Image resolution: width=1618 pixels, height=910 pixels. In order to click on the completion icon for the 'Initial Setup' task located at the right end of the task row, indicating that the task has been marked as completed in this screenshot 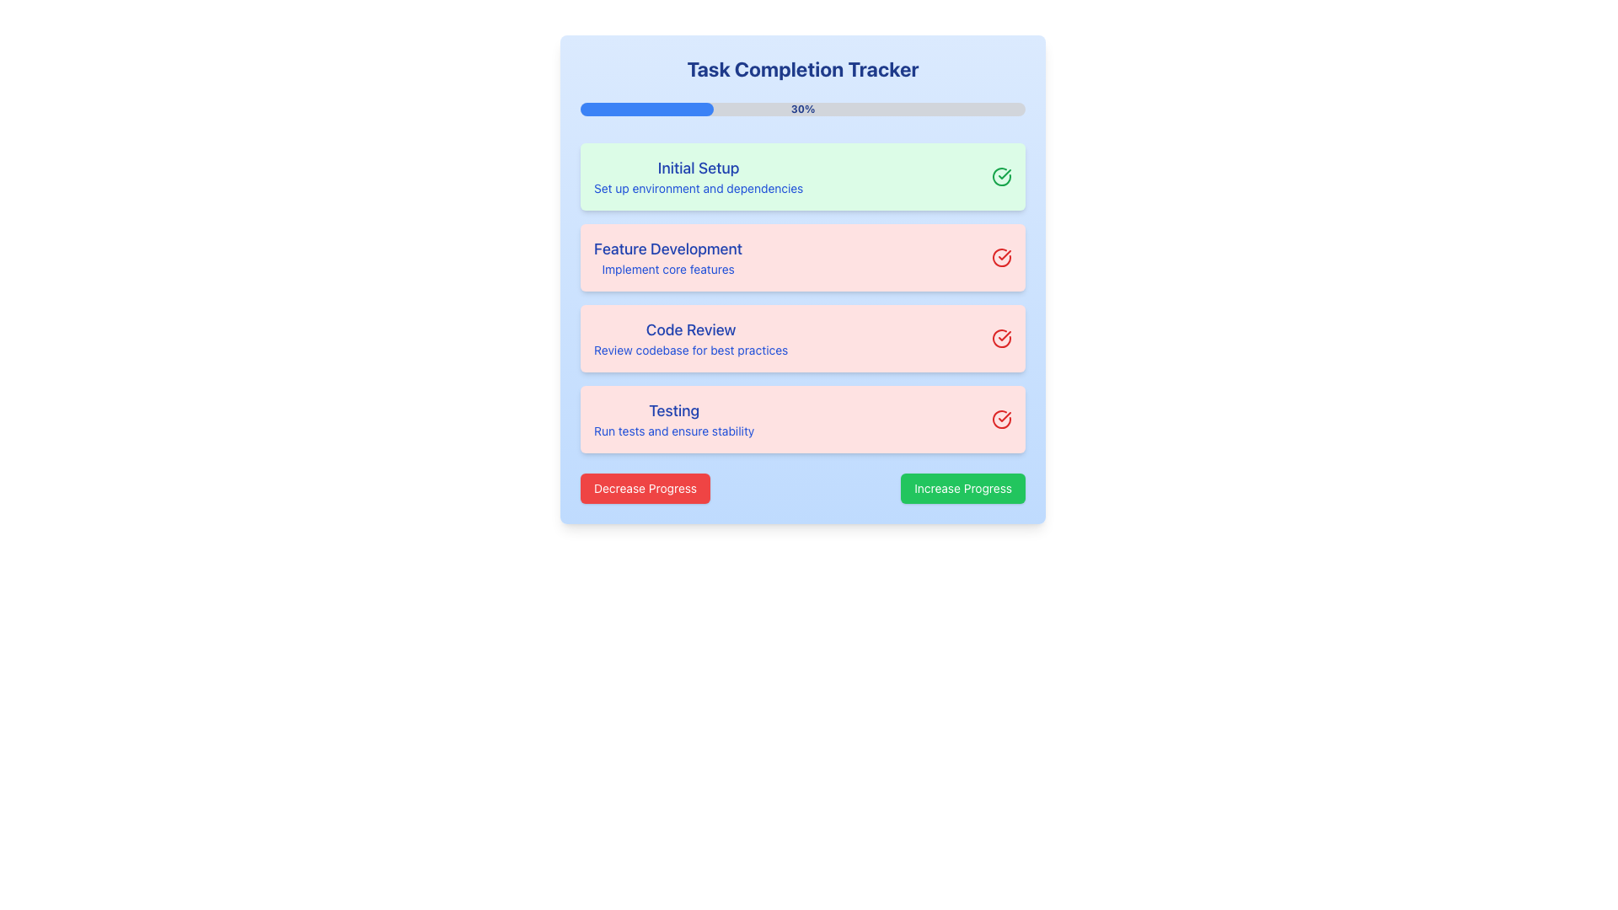, I will do `click(1002, 176)`.